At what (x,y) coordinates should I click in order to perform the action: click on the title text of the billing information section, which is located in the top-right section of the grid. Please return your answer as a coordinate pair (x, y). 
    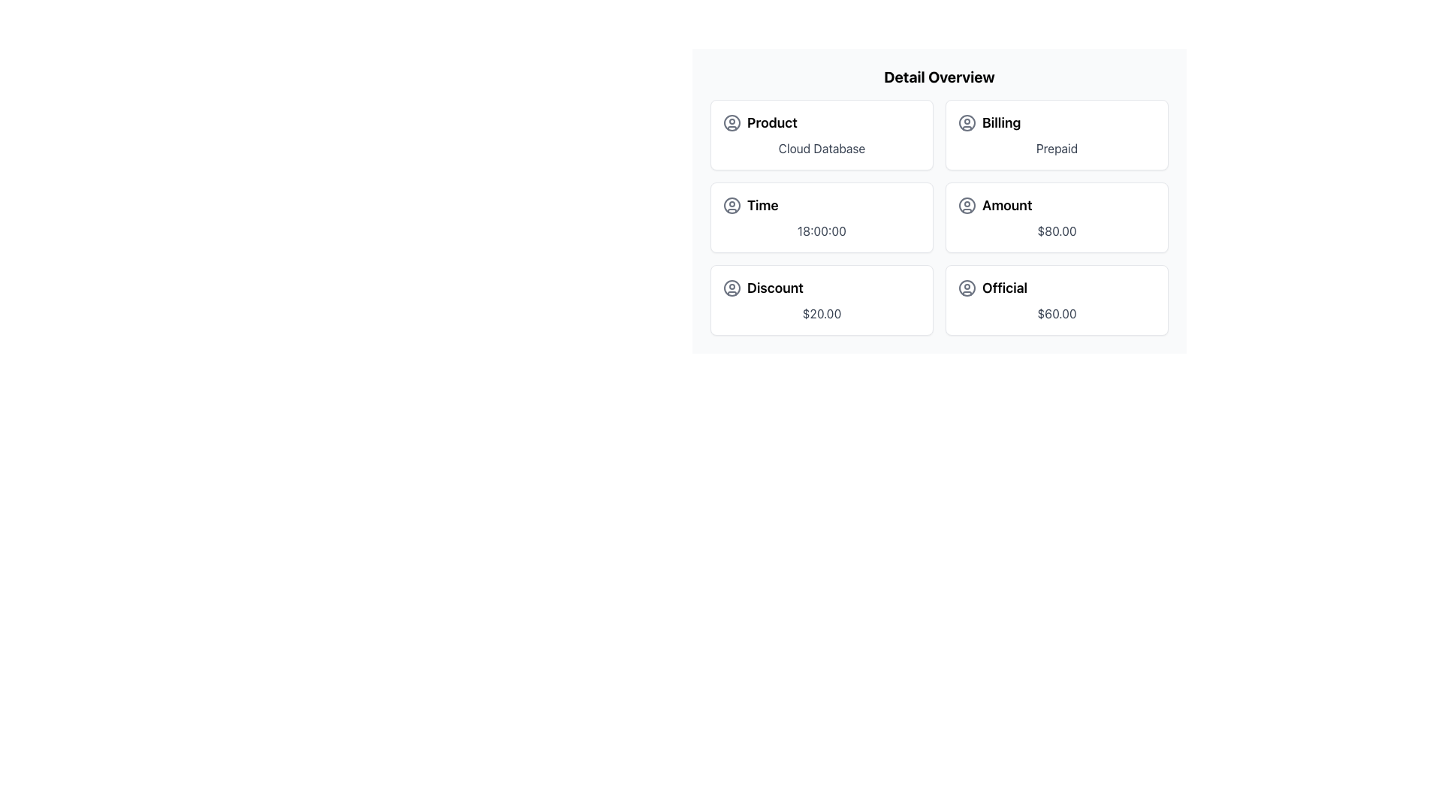
    Looking at the image, I should click on (1001, 122).